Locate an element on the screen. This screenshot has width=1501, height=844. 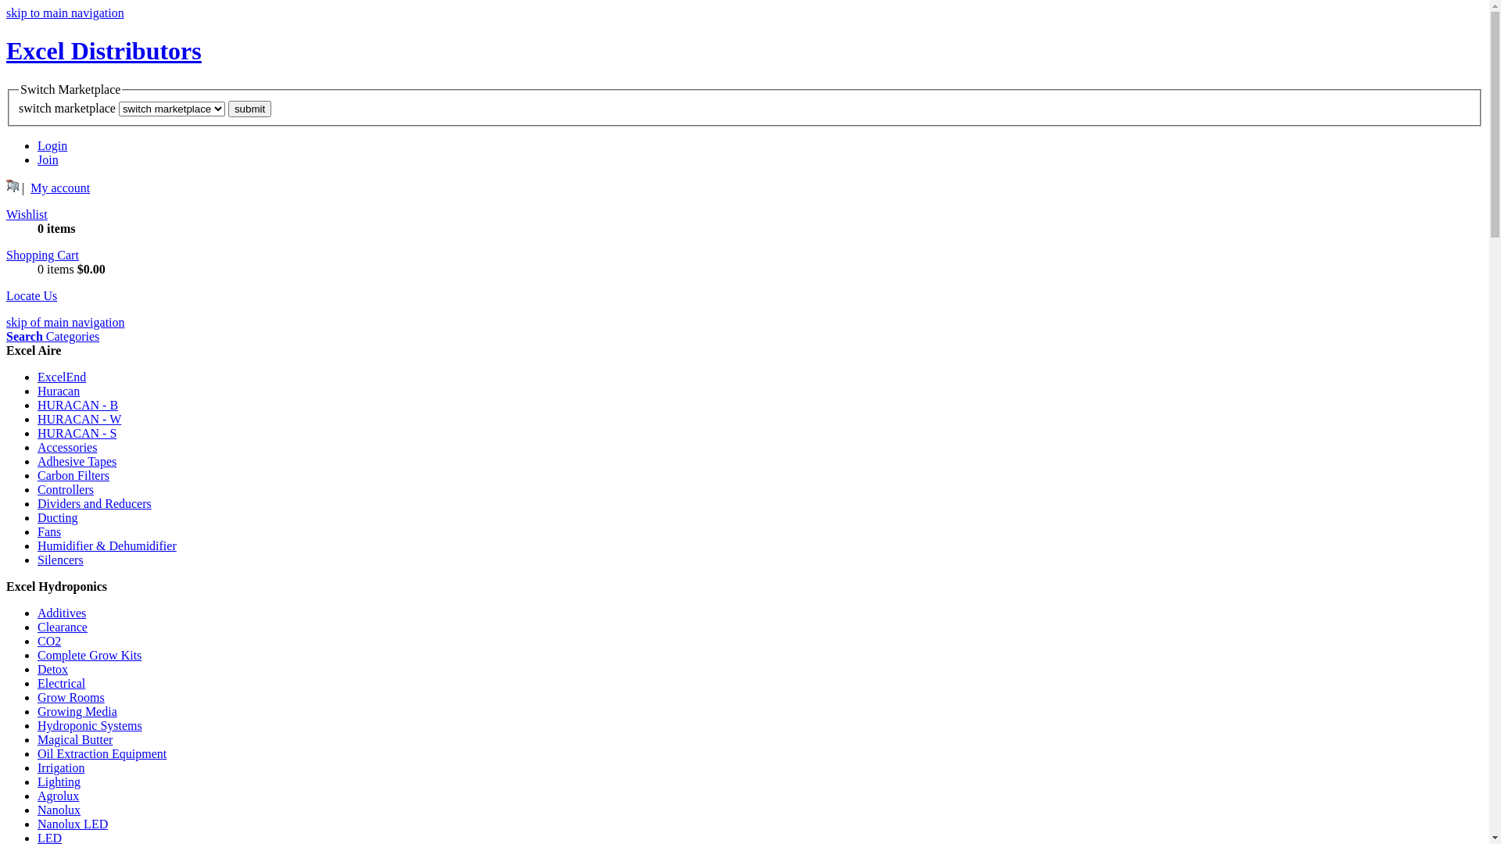
'Detox' is located at coordinates (52, 668).